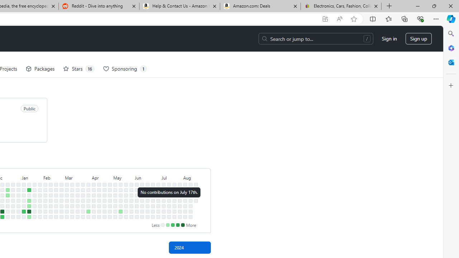  I want to click on 'No contributions on March 20th.', so click(77, 200).